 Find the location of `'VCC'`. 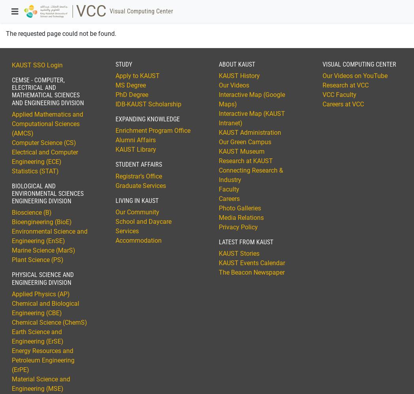

'VCC' is located at coordinates (91, 11).